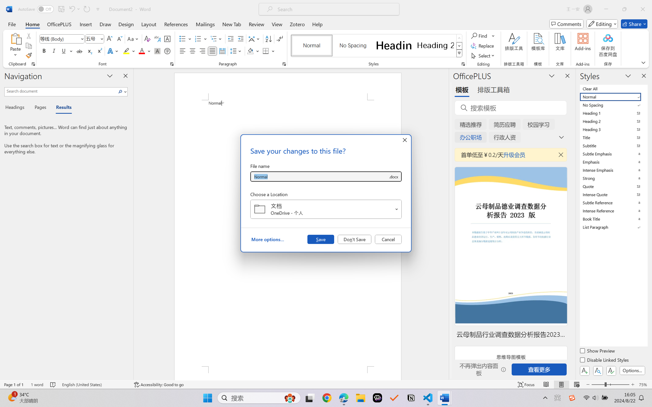 The image size is (652, 407). Describe the element at coordinates (290, 398) in the screenshot. I see `'AutomationID: DynamicSearchBoxGleamImage'` at that location.